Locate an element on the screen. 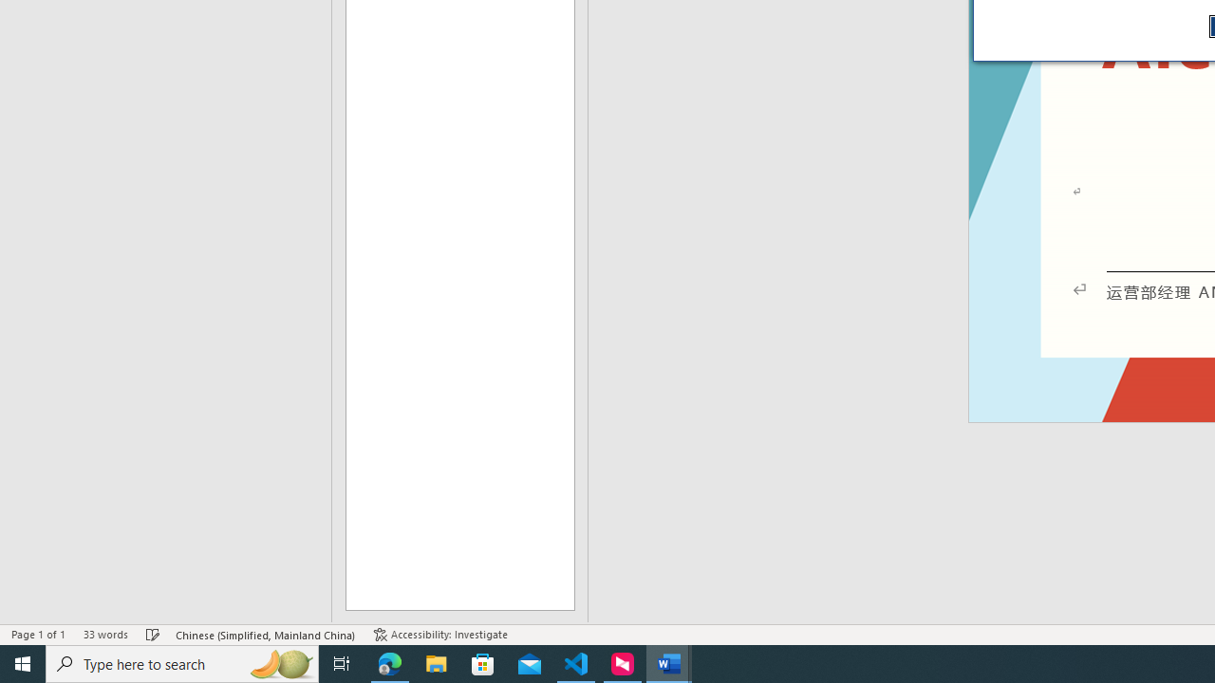 This screenshot has width=1215, height=683. 'Type here to search' is located at coordinates (182, 662).